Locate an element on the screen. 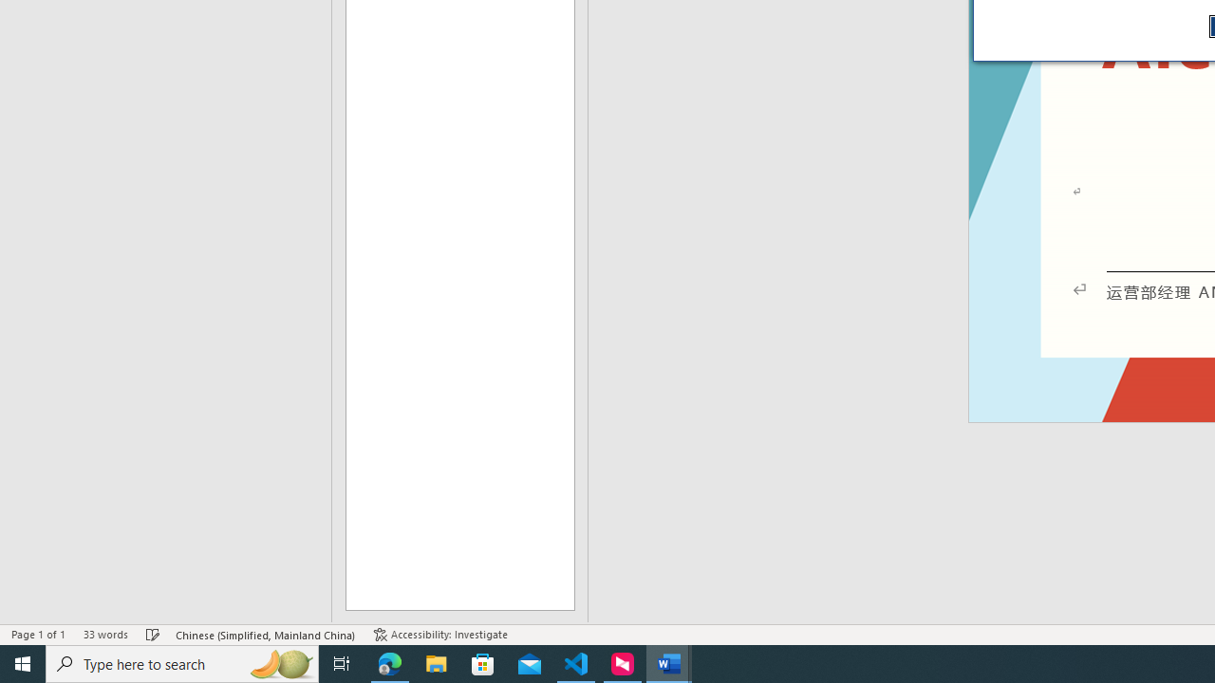 This screenshot has width=1215, height=683. 'Type here to search' is located at coordinates (182, 662).